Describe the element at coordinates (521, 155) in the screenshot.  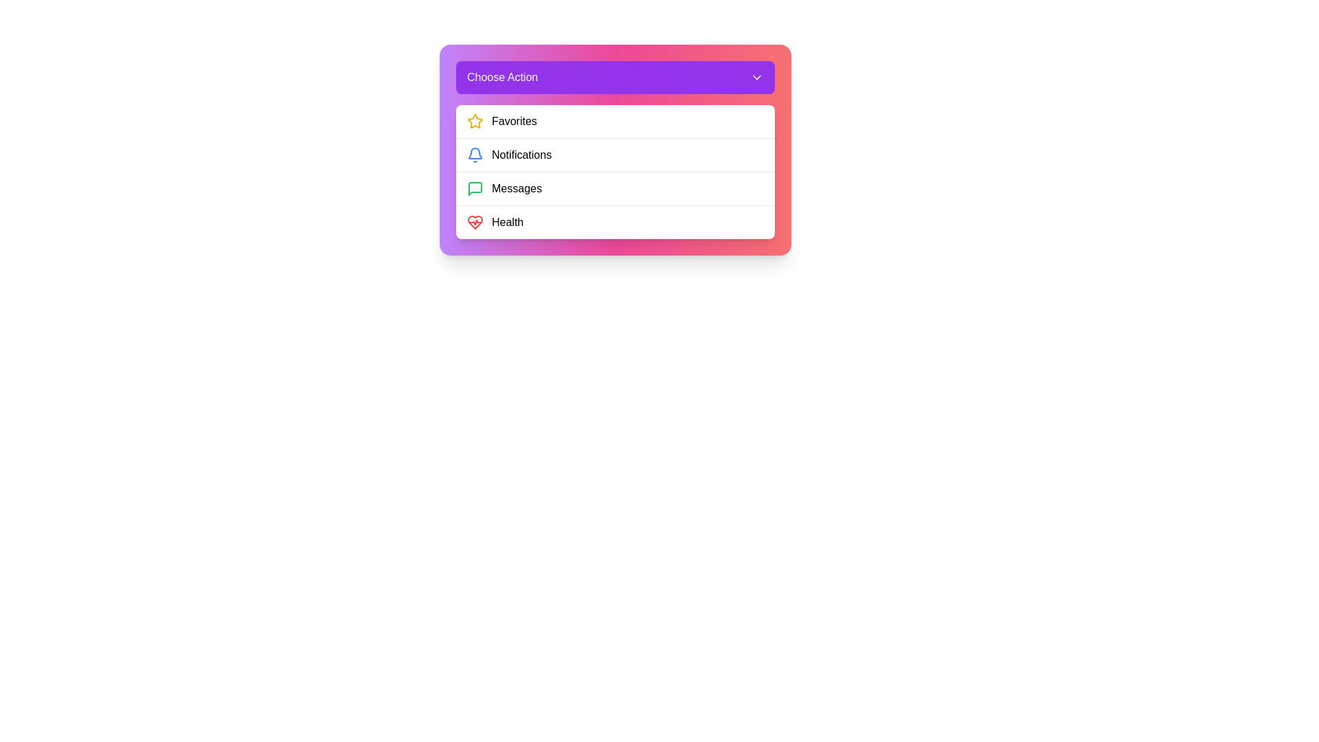
I see `the 'Notifications' text label in the dropdown menu` at that location.